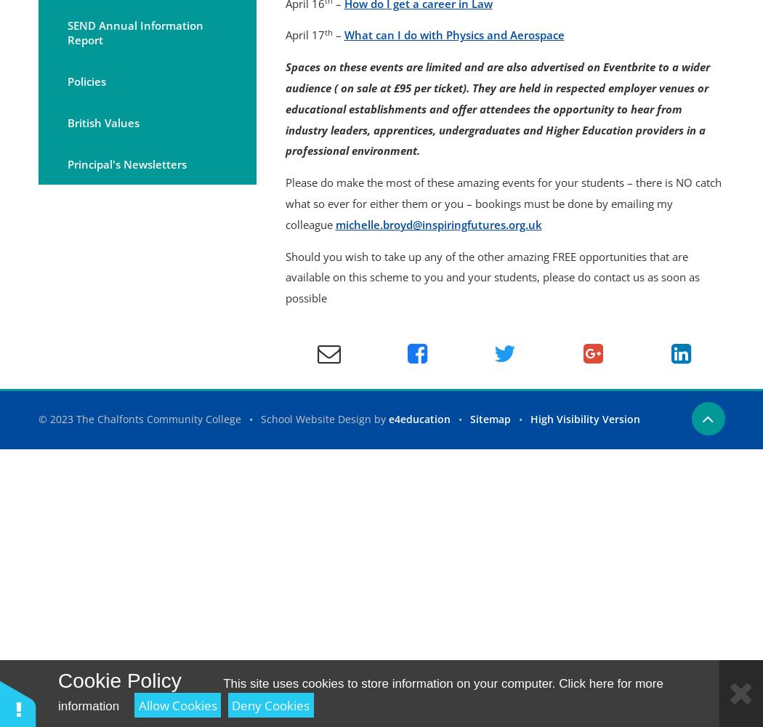 The image size is (763, 727). Describe the element at coordinates (492, 277) in the screenshot. I see `'Should you wish to take up any of the other amazing FREE opportunities that are available on this scheme to you and your students, please do contact us as soon as possible'` at that location.